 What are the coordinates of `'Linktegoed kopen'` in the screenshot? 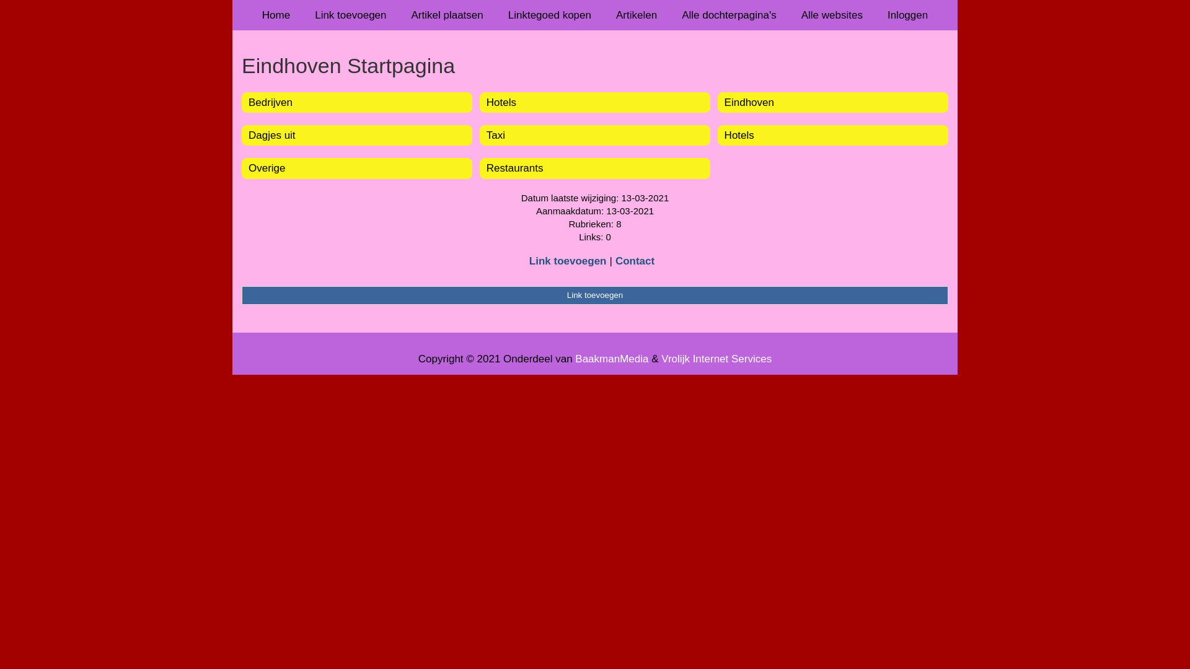 It's located at (496, 15).